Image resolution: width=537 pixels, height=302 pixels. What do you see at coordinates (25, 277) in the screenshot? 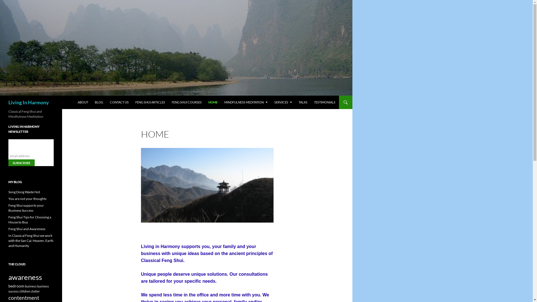
I see `'awareness'` at bounding box center [25, 277].